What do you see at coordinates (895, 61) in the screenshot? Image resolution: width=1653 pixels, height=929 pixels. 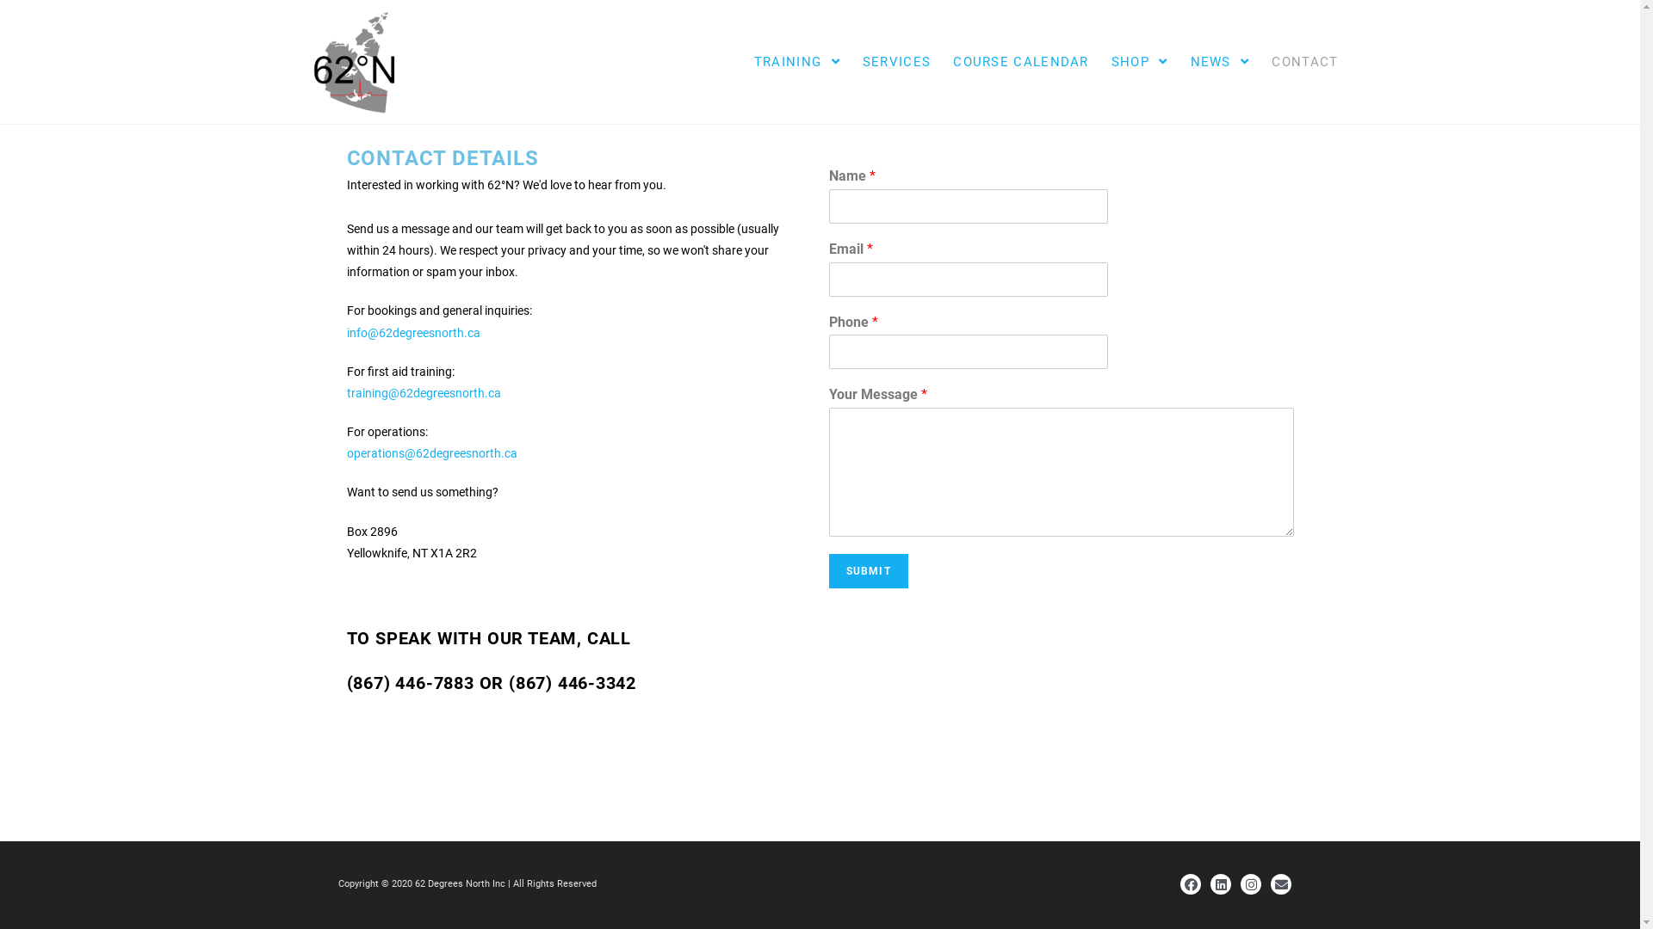 I see `'SERVICES'` at bounding box center [895, 61].